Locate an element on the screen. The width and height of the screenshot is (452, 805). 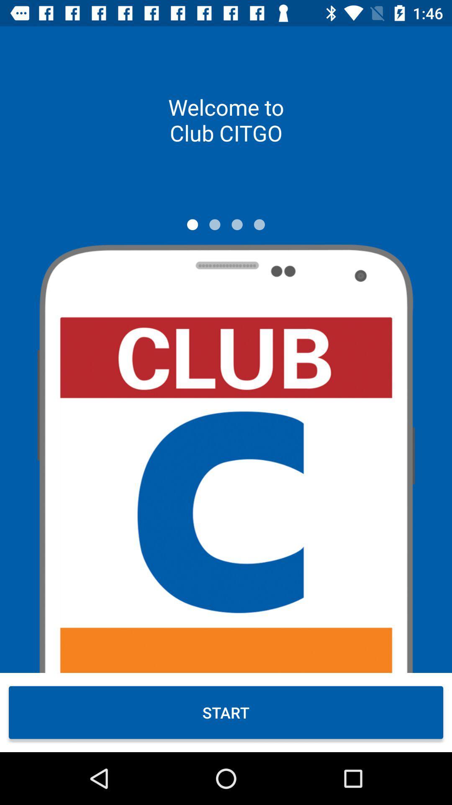
start item is located at coordinates (226, 712).